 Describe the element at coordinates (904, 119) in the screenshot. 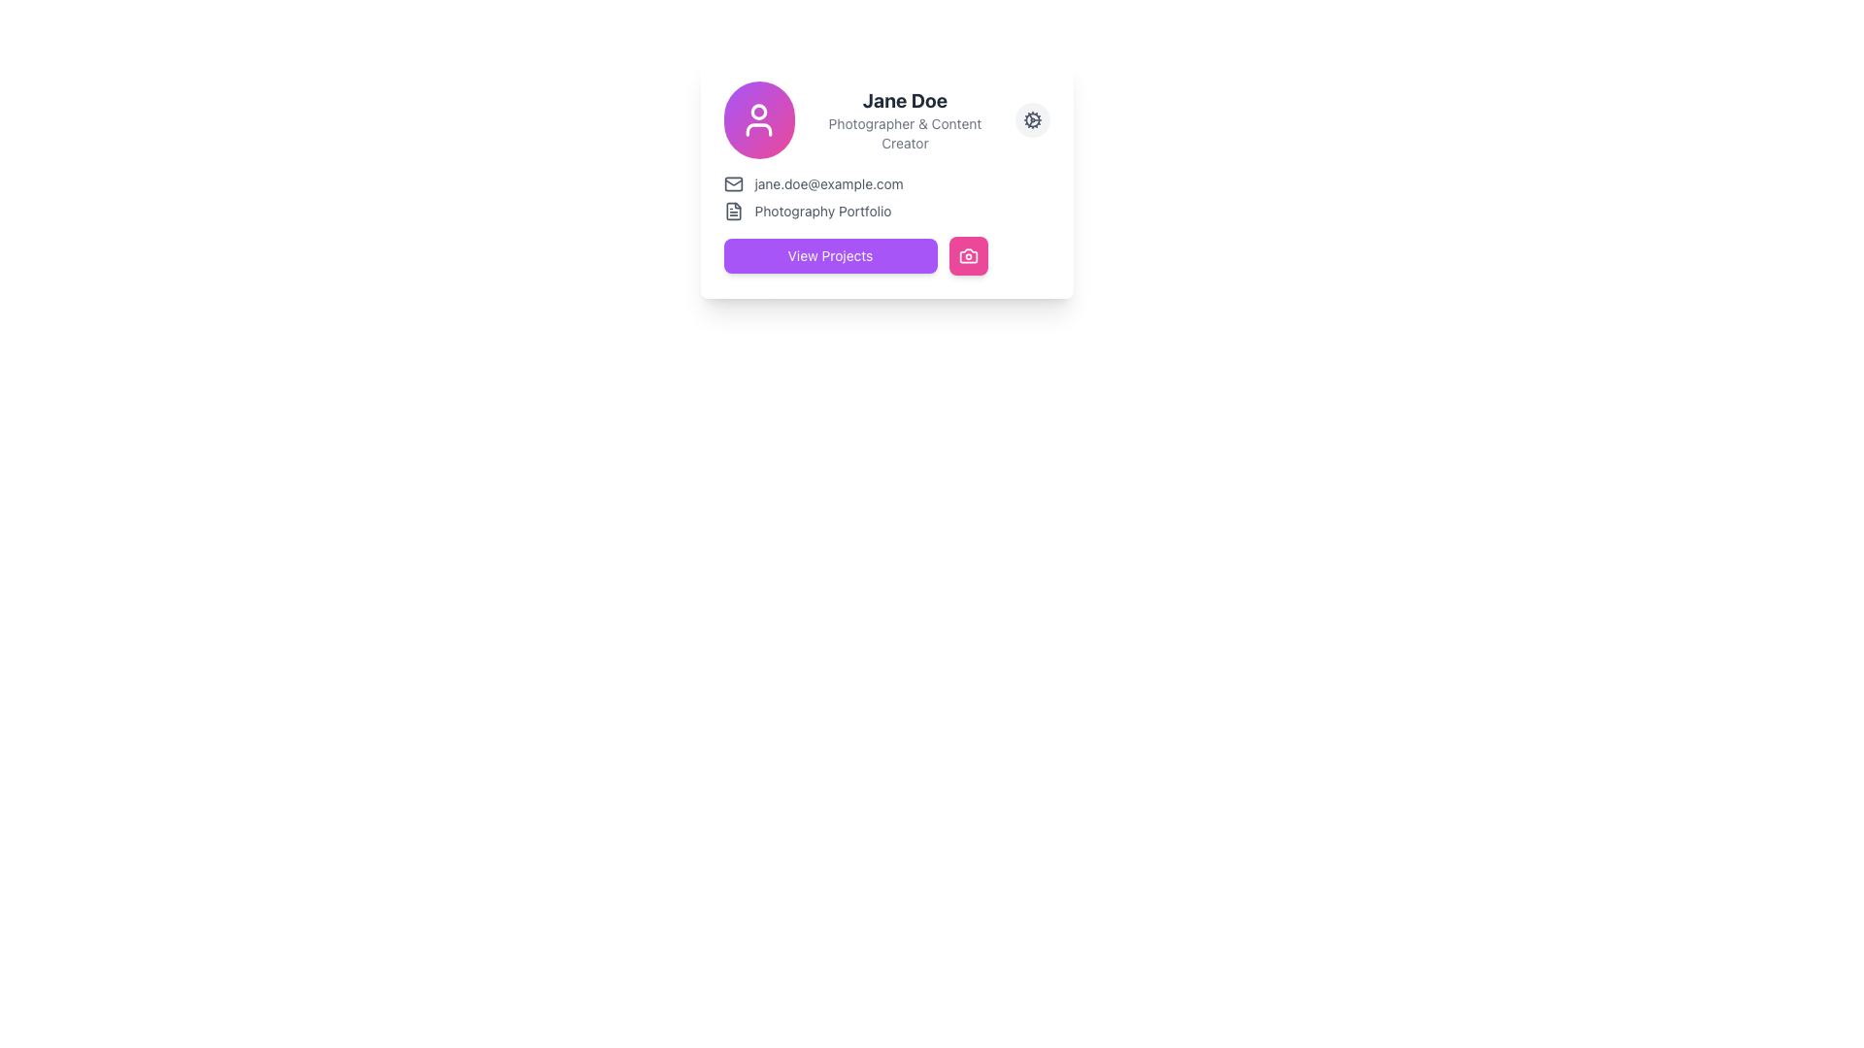

I see `the static text UI element displaying the title 'Jane Doe' and subtitle 'Photographer & Content Creator', which is located in the central right section of a card-like UI component` at that location.